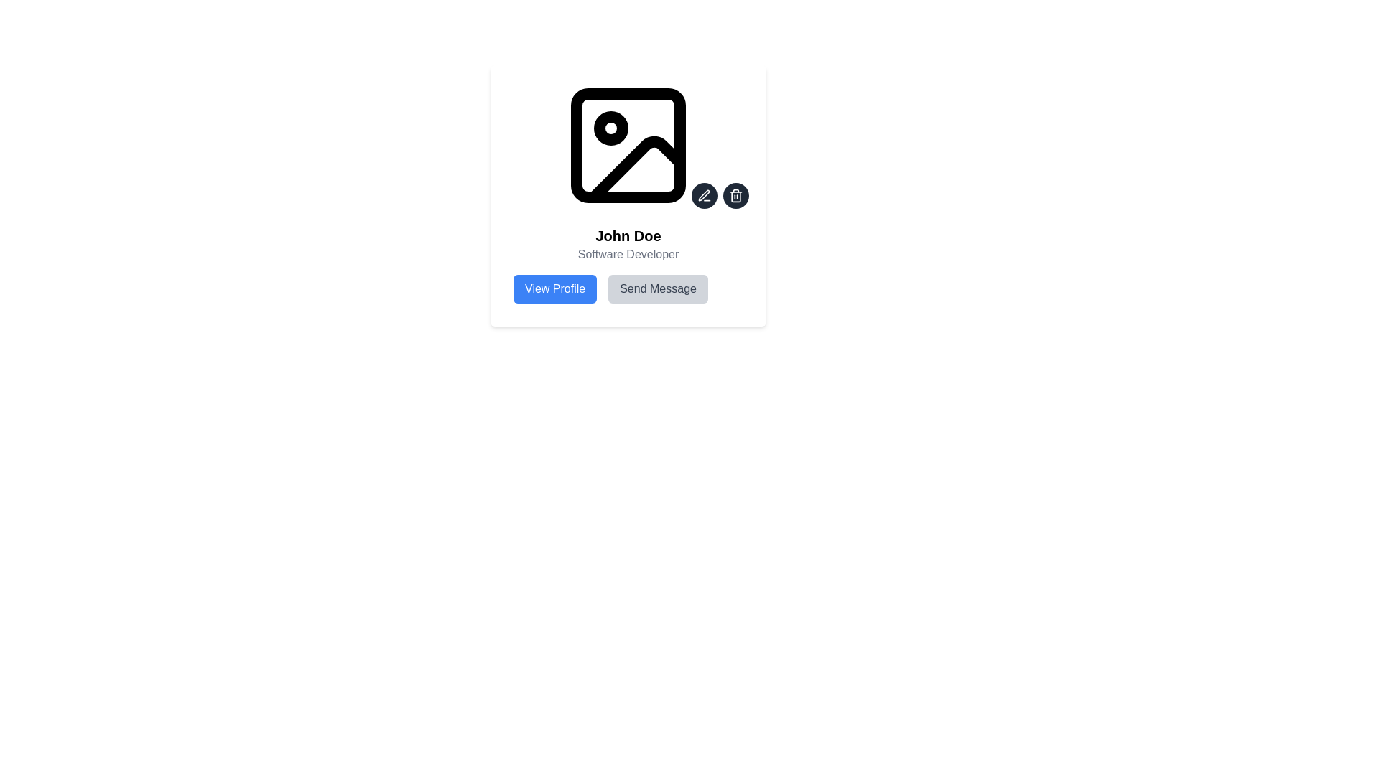  I want to click on the communication button located below the 'John Doe' profile section and to the right of the 'View Profile' button, so click(657, 288).